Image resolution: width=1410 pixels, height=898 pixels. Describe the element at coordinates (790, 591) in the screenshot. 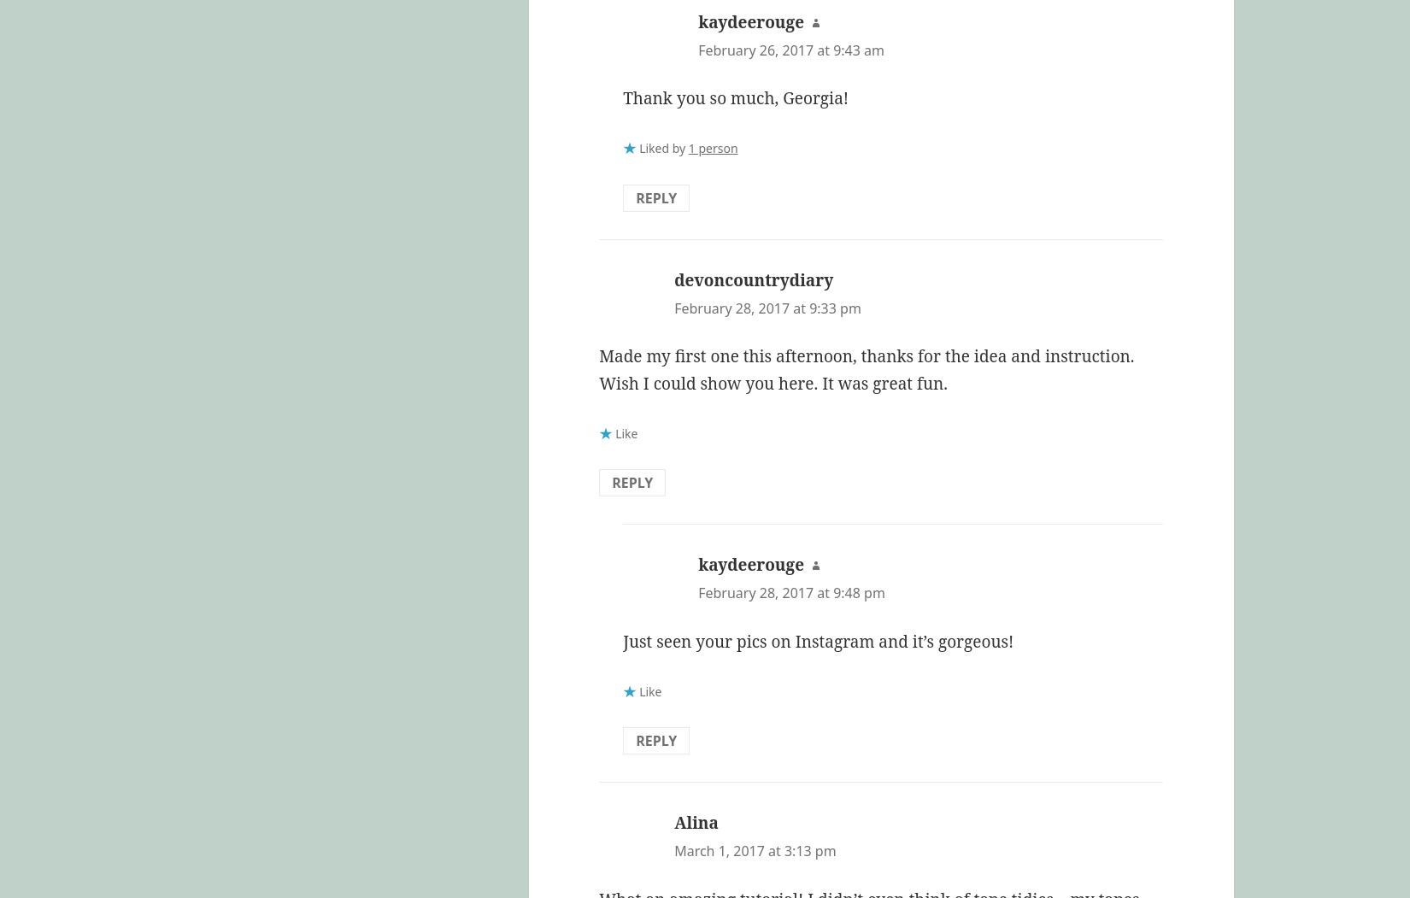

I see `'February 28, 2017 at 9:48 pm'` at that location.